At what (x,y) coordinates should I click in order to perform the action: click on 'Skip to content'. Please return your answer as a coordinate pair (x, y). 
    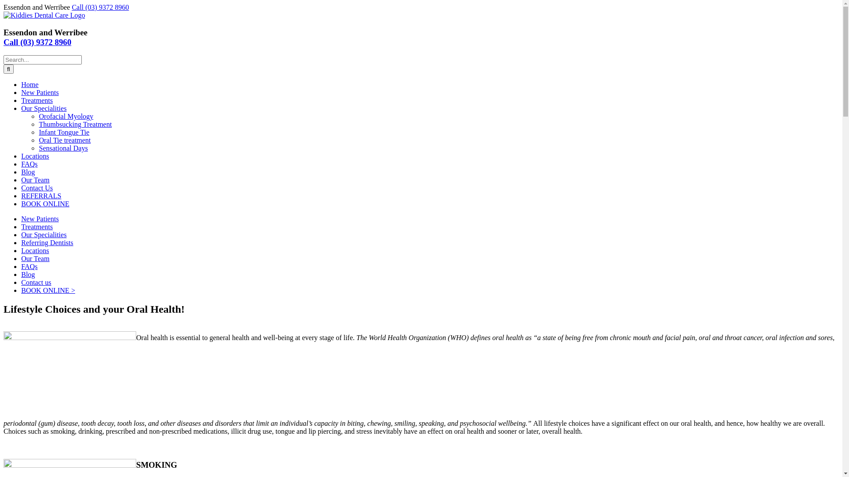
    Looking at the image, I should click on (3, 3).